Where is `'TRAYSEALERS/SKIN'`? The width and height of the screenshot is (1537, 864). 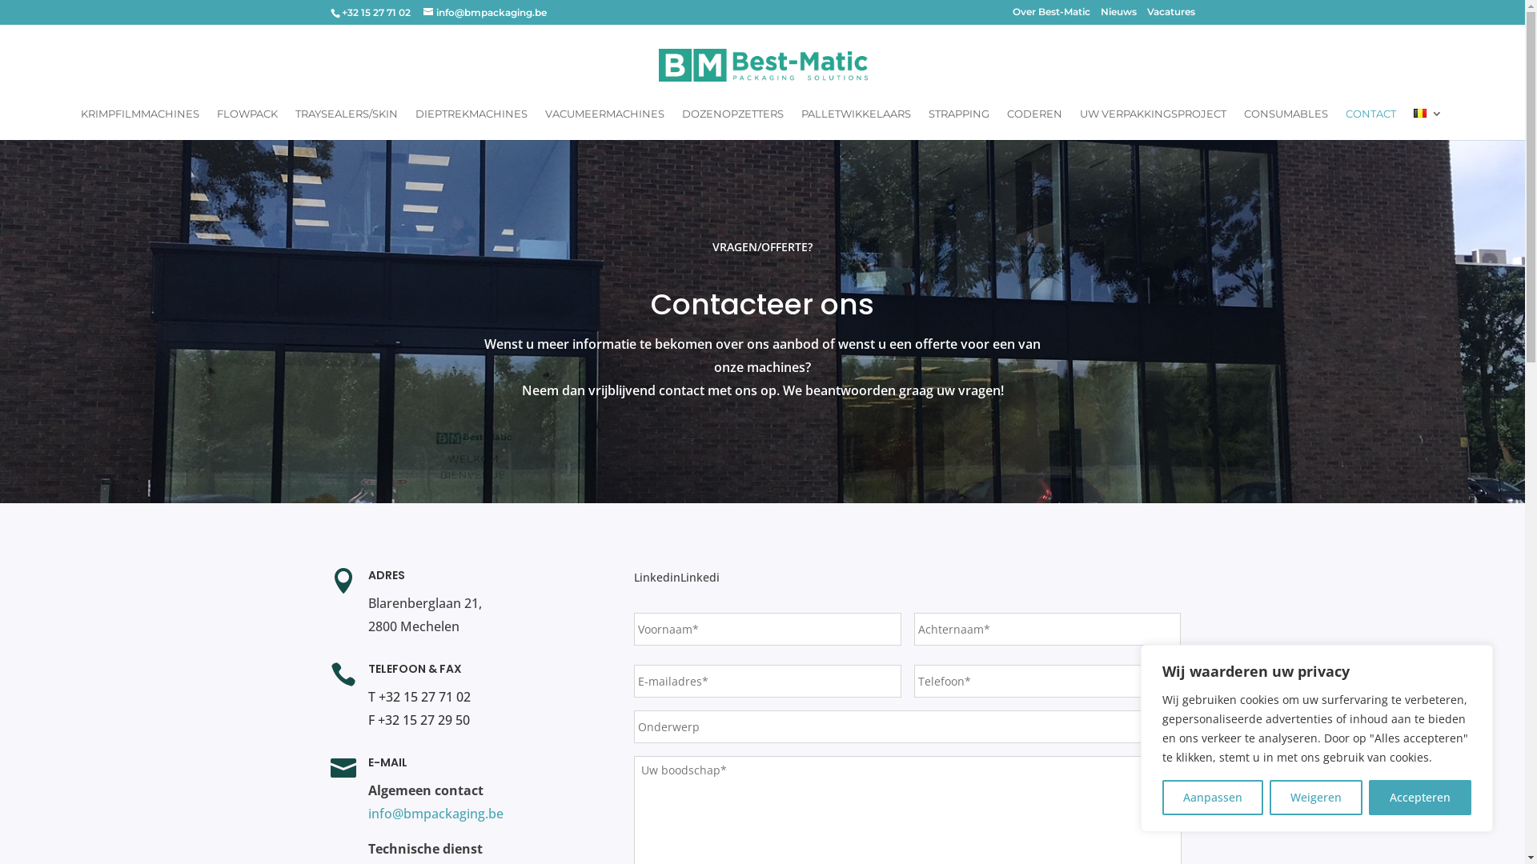 'TRAYSEALERS/SKIN' is located at coordinates (295, 122).